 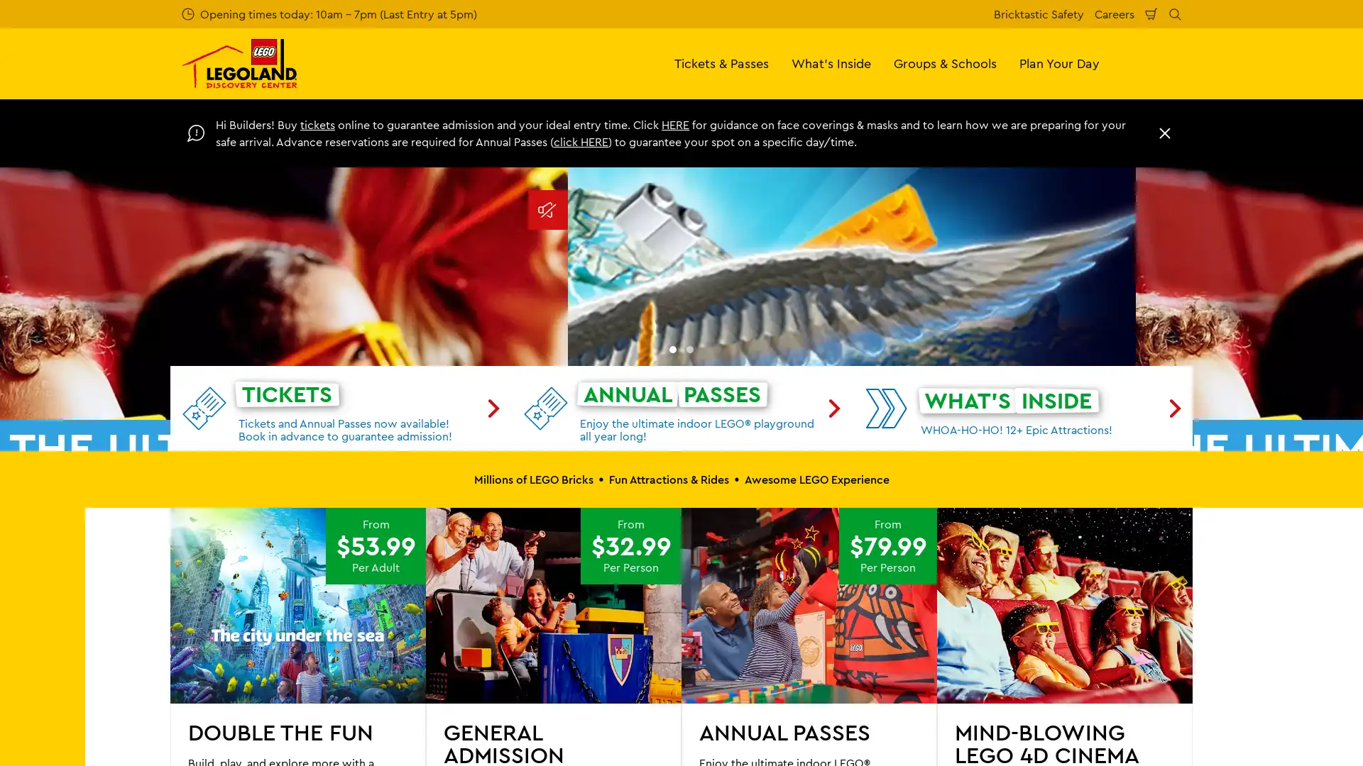 What do you see at coordinates (689, 617) in the screenshot?
I see `Go to slide 2` at bounding box center [689, 617].